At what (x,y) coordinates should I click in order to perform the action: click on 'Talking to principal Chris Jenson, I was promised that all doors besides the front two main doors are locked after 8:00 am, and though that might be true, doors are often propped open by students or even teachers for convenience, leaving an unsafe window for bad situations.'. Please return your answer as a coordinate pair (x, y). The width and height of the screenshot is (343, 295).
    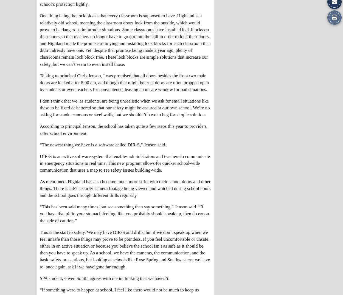
    Looking at the image, I should click on (124, 82).